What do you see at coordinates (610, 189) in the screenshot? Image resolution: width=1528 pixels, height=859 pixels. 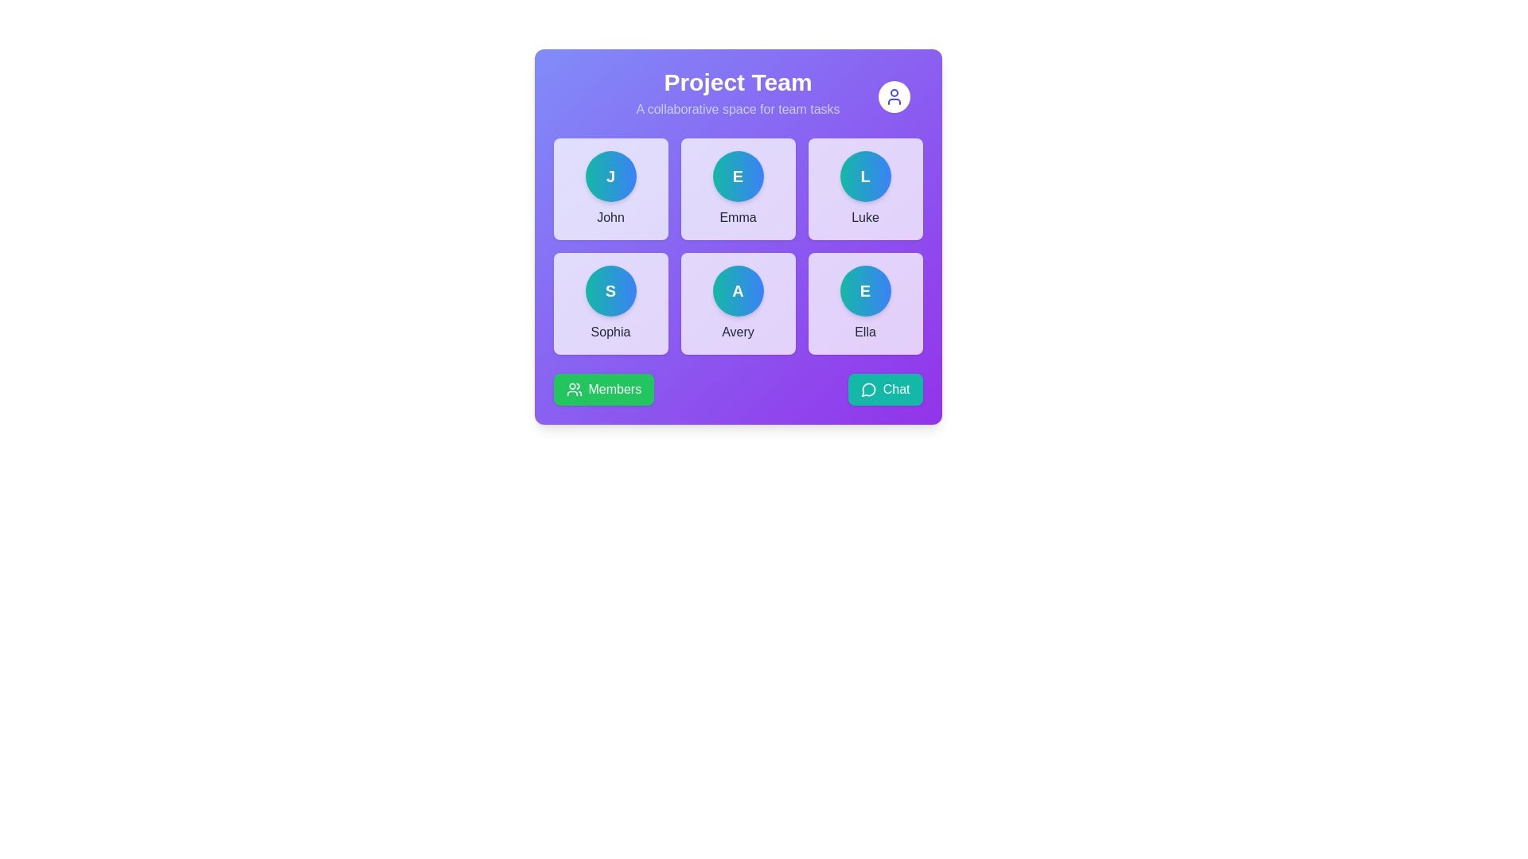 I see `the profile card component featuring a circular badge with a white 'J' and the label 'John' below it, located in the first row and first column of the grid` at bounding box center [610, 189].